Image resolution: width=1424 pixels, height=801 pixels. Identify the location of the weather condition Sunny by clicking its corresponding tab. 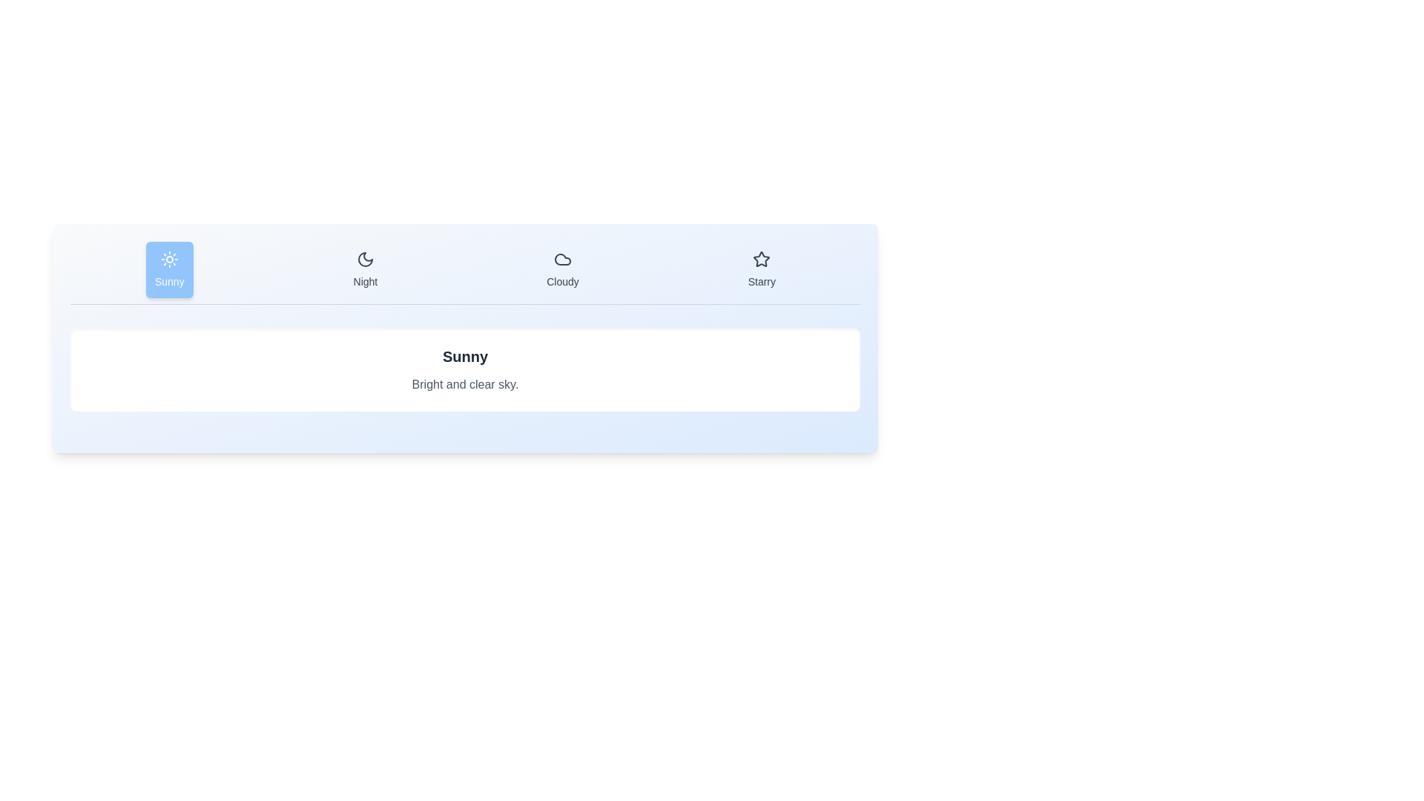
(168, 269).